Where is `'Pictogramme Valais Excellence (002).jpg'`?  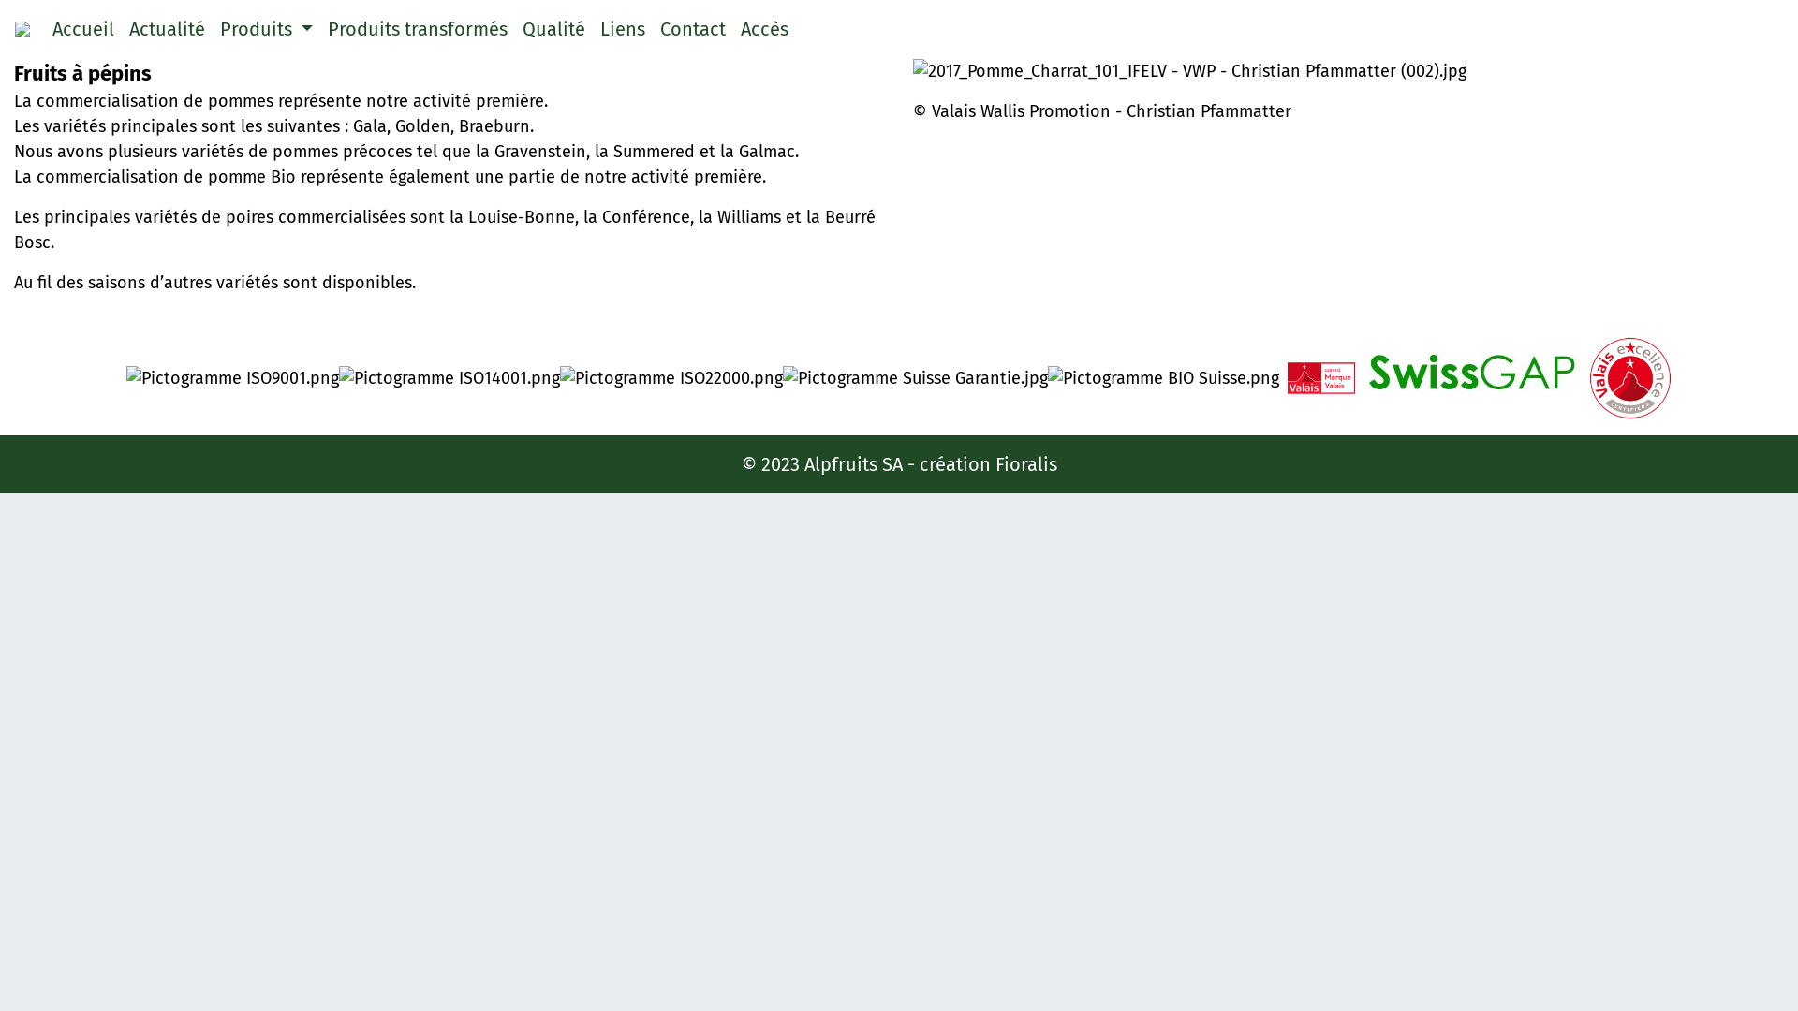
'Pictogramme Valais Excellence (002).jpg' is located at coordinates (1629, 378).